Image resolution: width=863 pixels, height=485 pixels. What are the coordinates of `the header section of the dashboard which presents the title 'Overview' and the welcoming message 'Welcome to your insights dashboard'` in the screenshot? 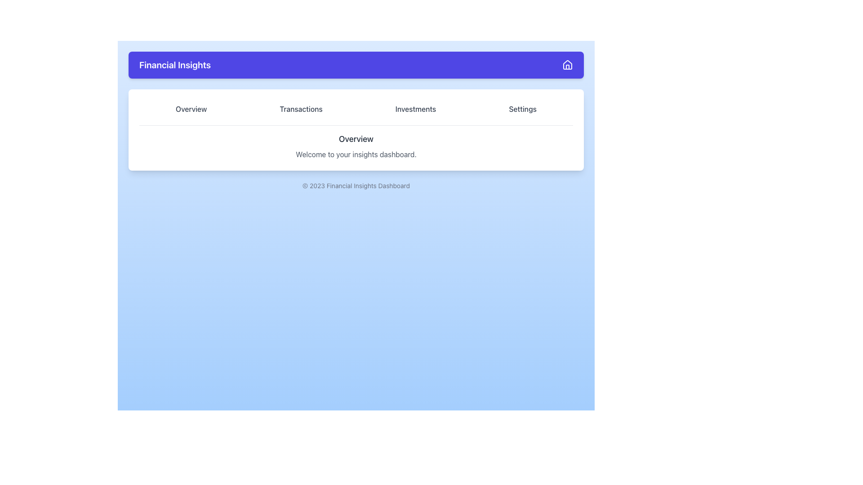 It's located at (356, 146).